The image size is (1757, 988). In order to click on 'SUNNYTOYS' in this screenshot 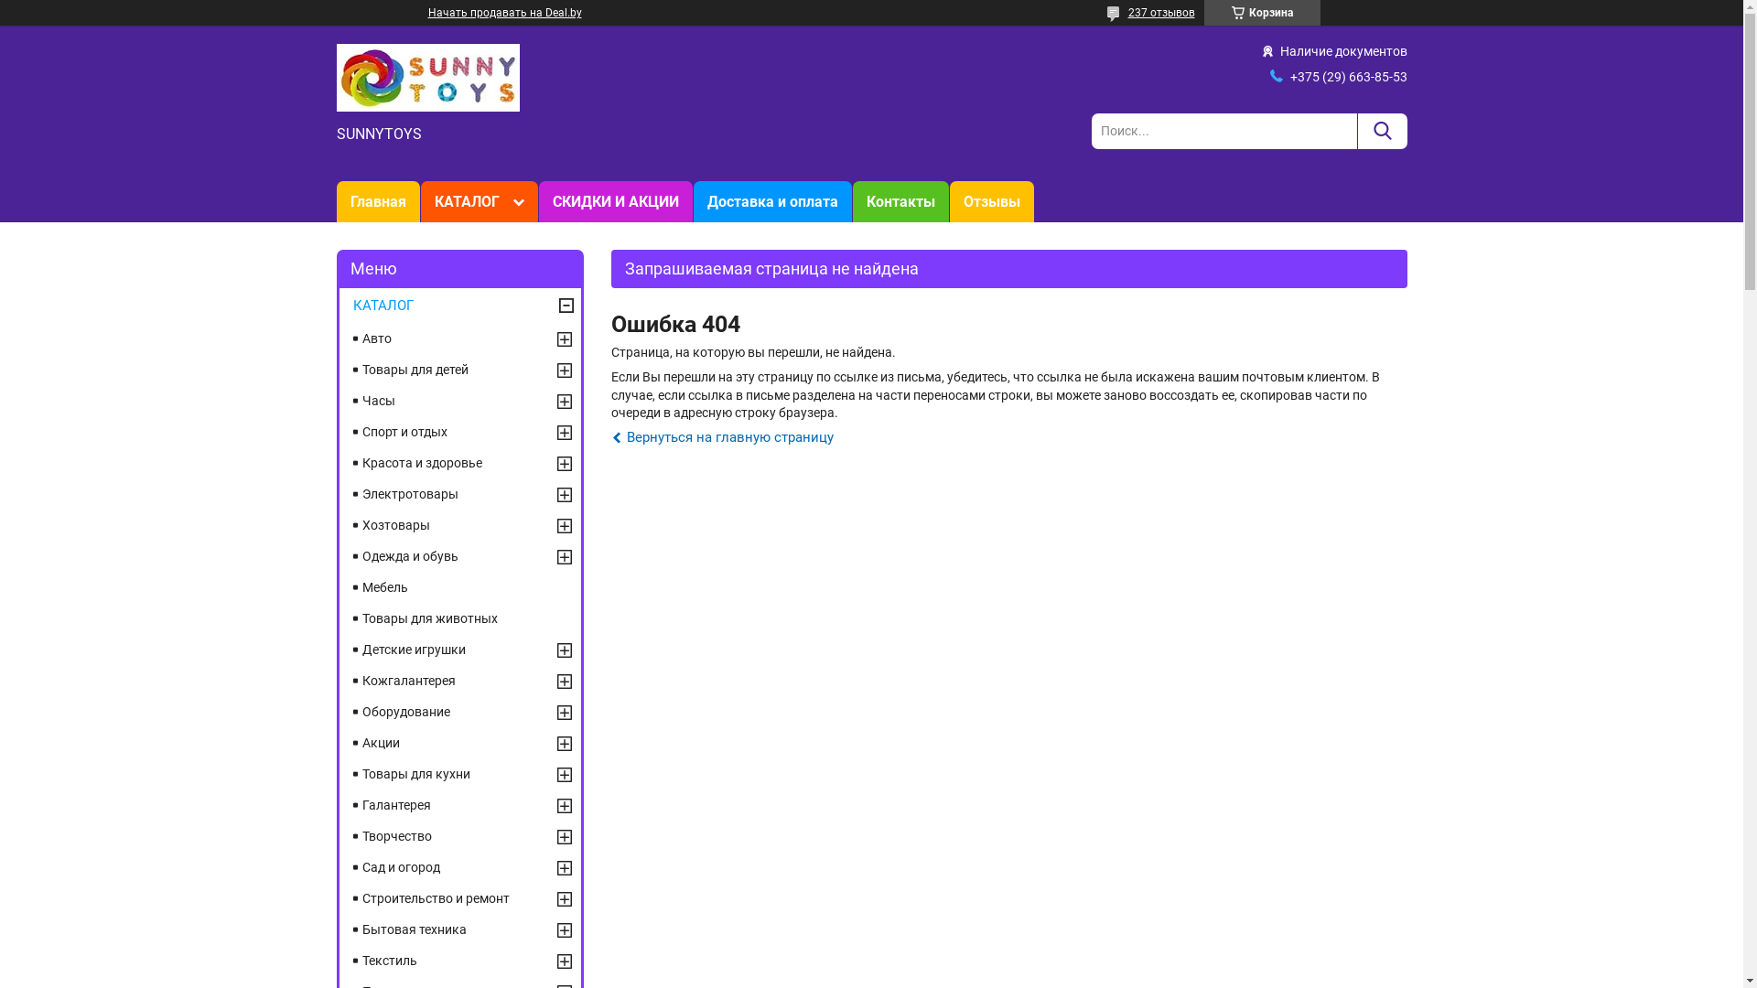, I will do `click(427, 76)`.